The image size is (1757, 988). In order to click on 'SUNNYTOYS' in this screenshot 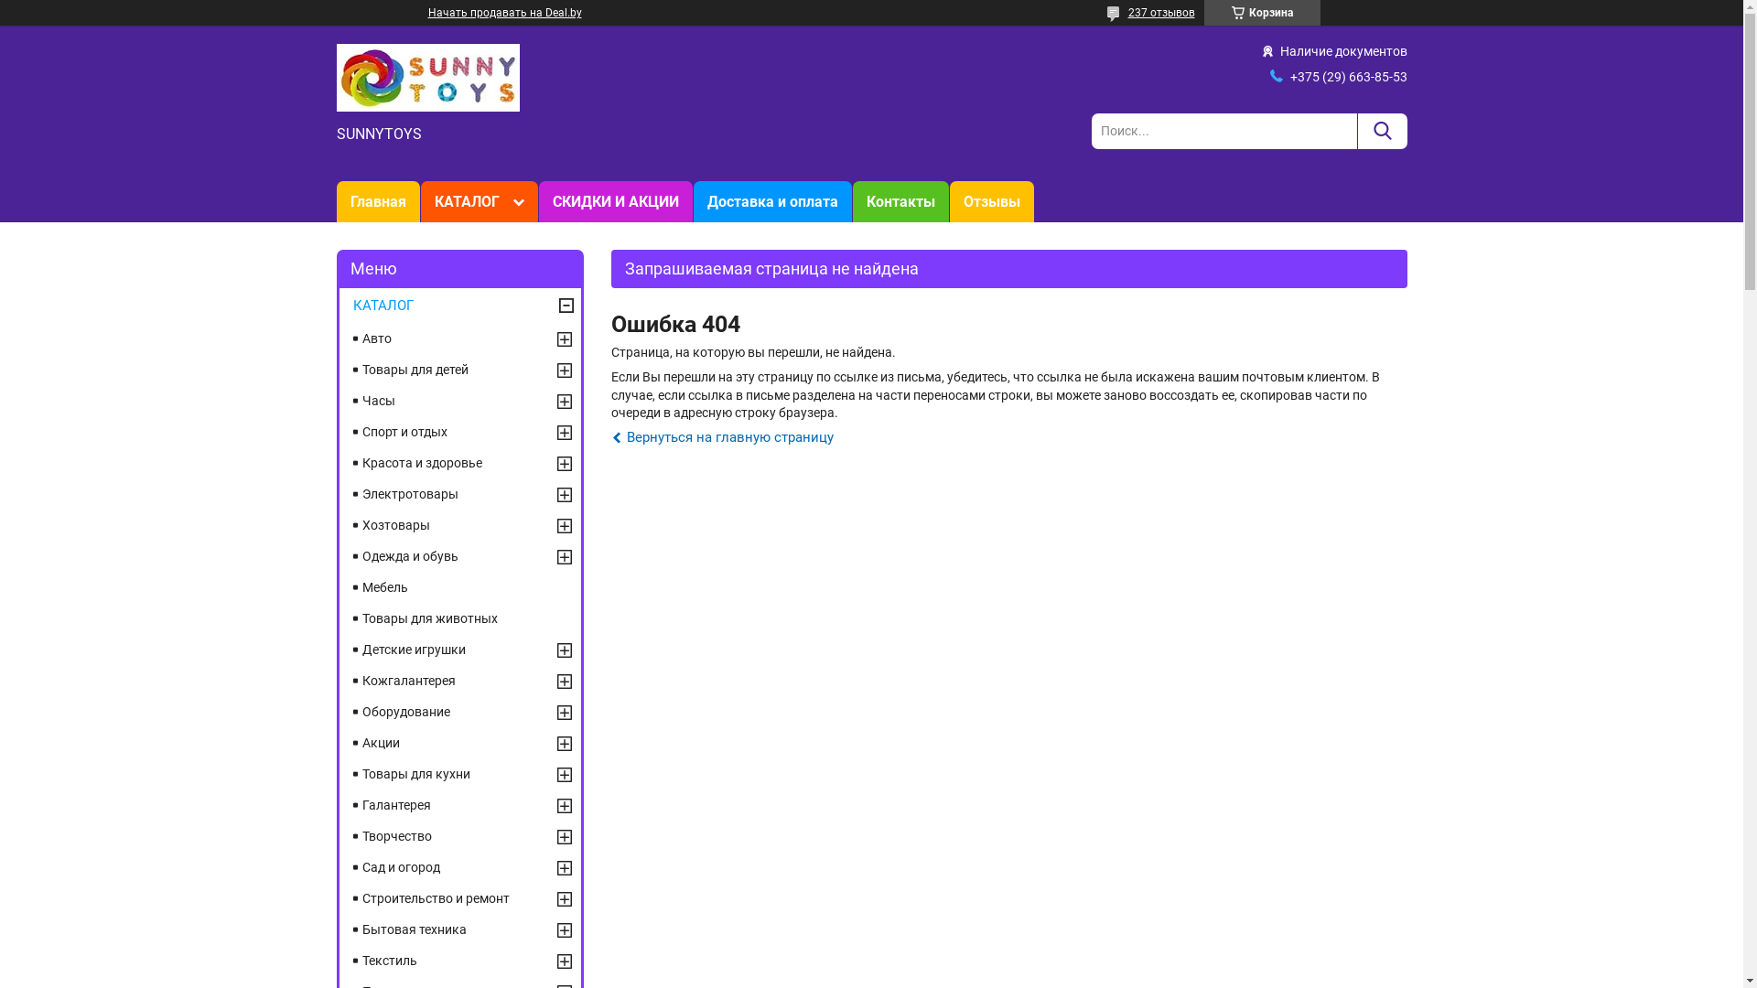, I will do `click(427, 76)`.